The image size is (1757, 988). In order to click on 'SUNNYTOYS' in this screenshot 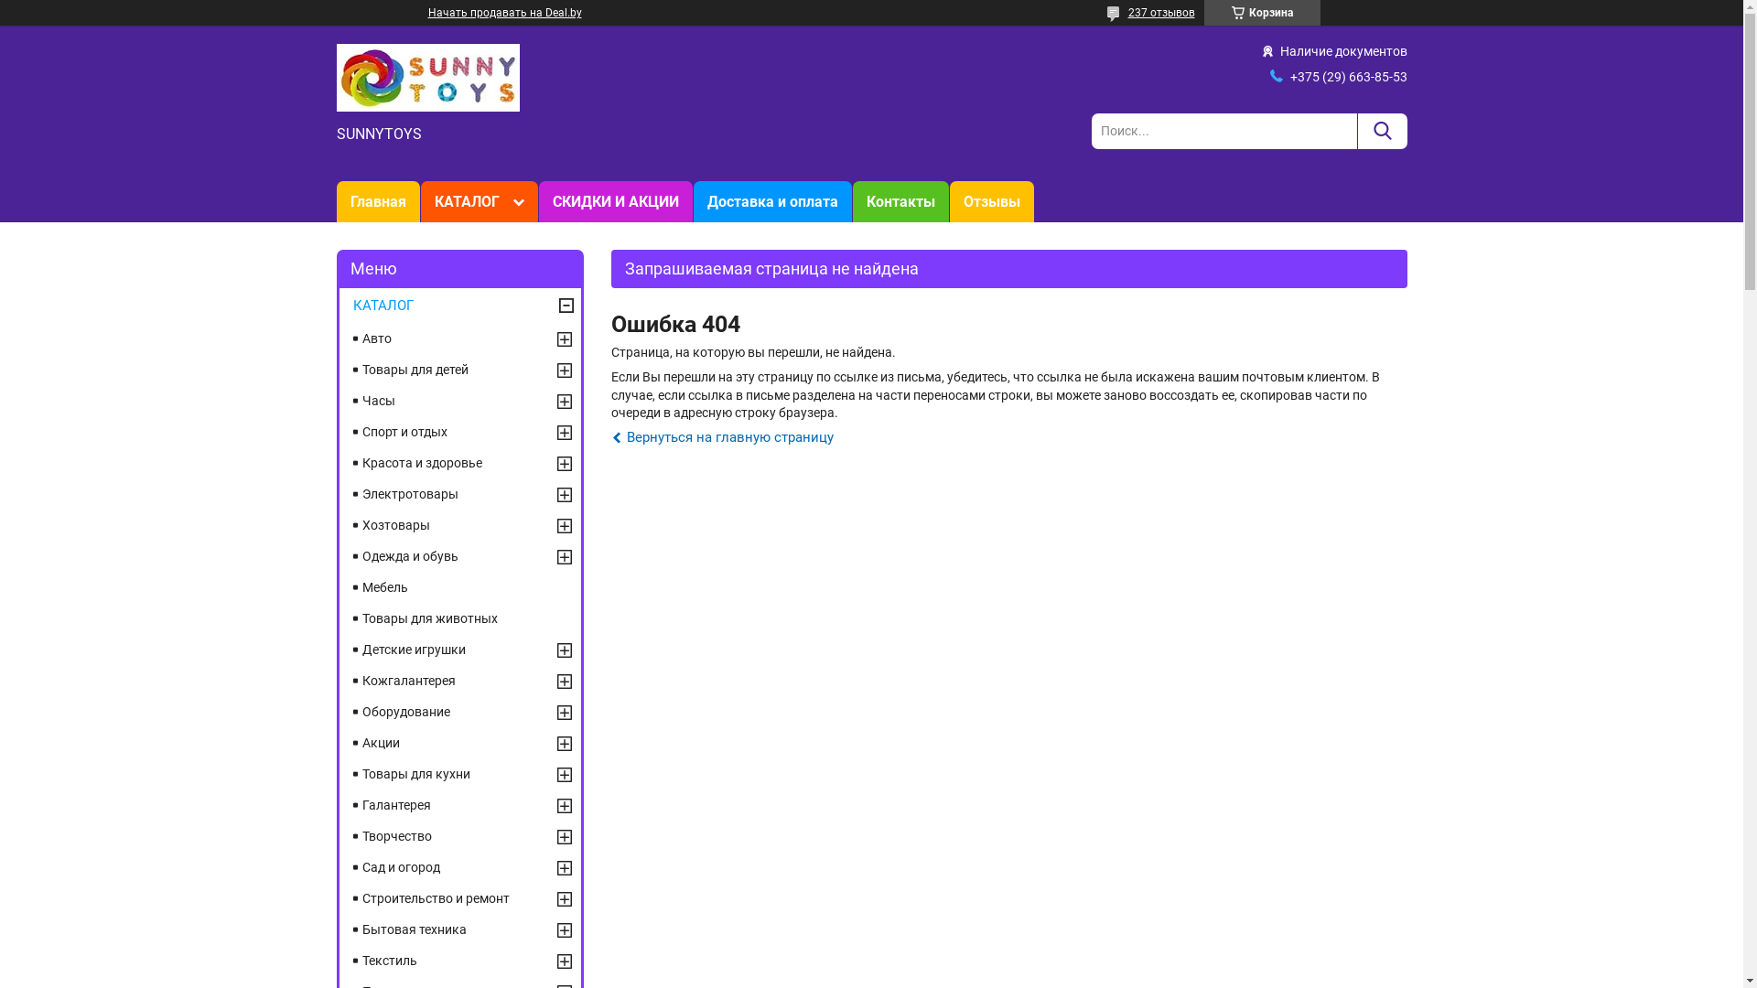, I will do `click(427, 76)`.